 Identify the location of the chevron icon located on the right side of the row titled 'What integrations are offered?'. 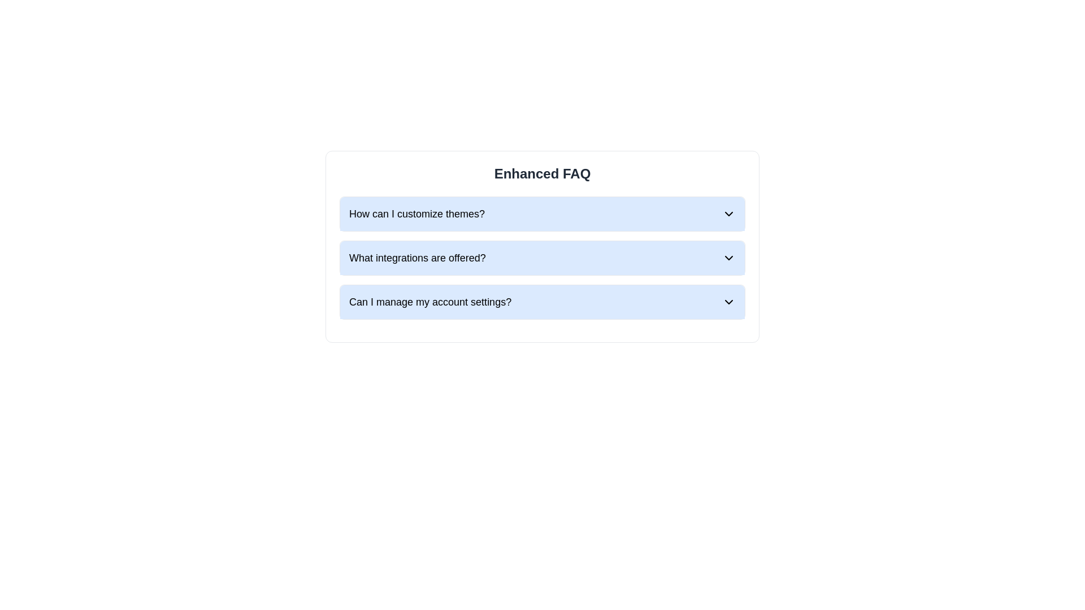
(729, 258).